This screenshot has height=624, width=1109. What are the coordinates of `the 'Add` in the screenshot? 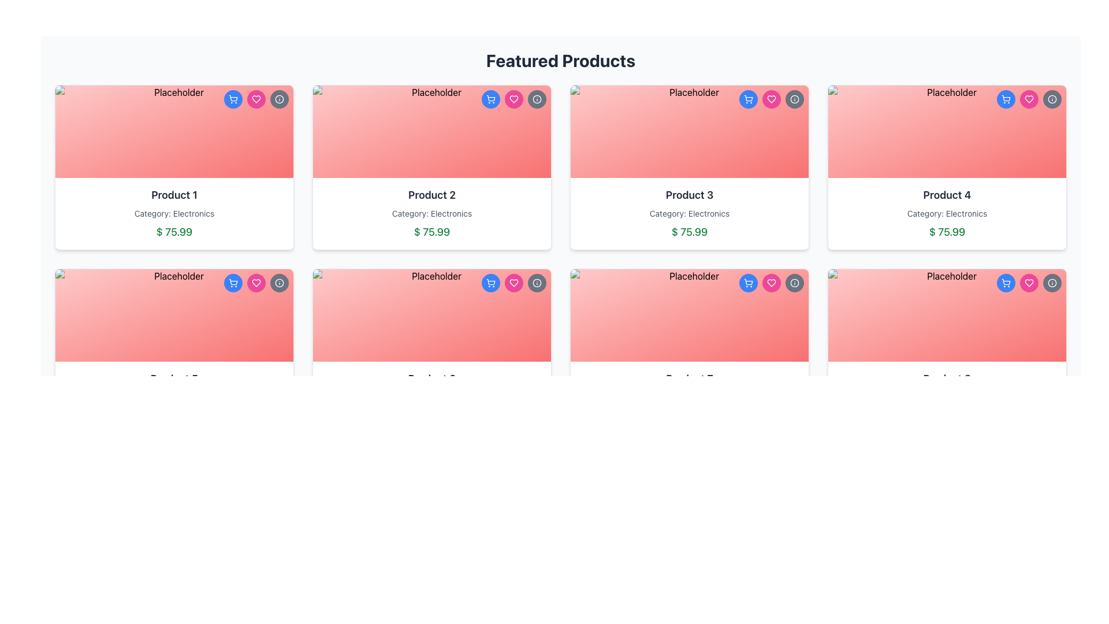 It's located at (1006, 99).